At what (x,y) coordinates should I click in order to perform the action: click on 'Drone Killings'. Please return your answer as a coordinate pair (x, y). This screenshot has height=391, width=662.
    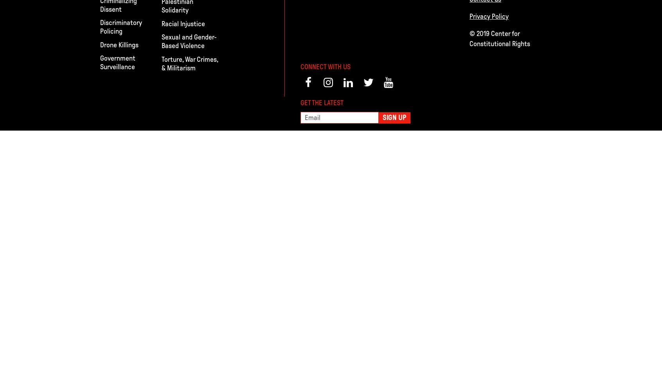
    Looking at the image, I should click on (119, 44).